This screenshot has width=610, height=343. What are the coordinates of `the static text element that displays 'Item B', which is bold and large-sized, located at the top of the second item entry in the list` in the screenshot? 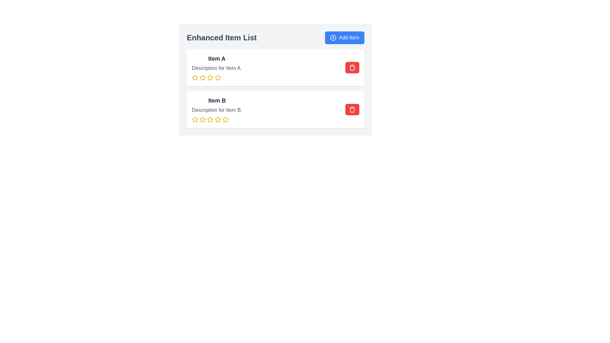 It's located at (217, 100).